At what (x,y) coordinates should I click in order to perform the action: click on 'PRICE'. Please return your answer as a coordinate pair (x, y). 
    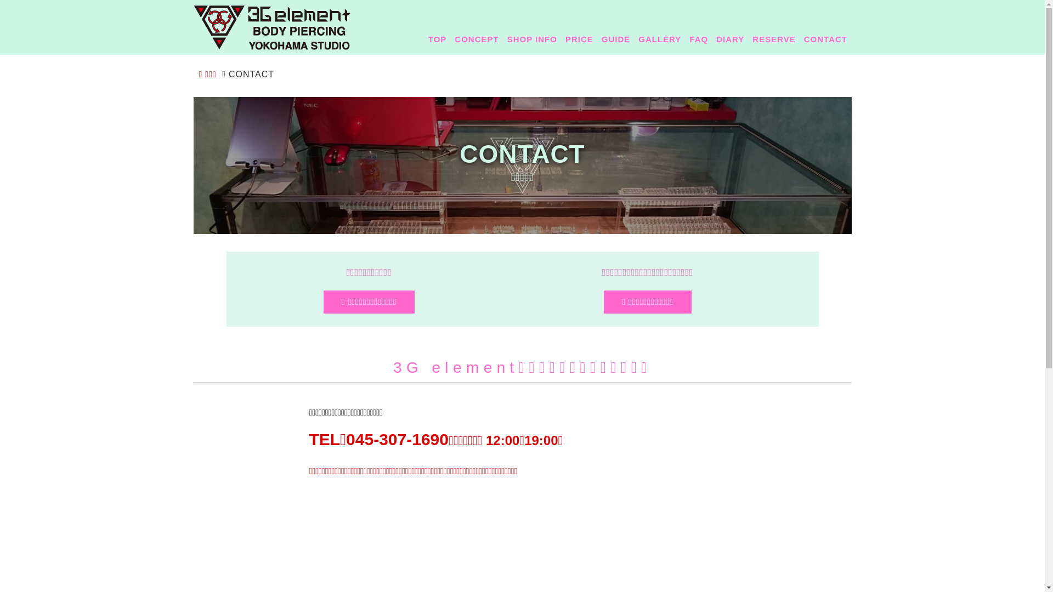
    Looking at the image, I should click on (579, 38).